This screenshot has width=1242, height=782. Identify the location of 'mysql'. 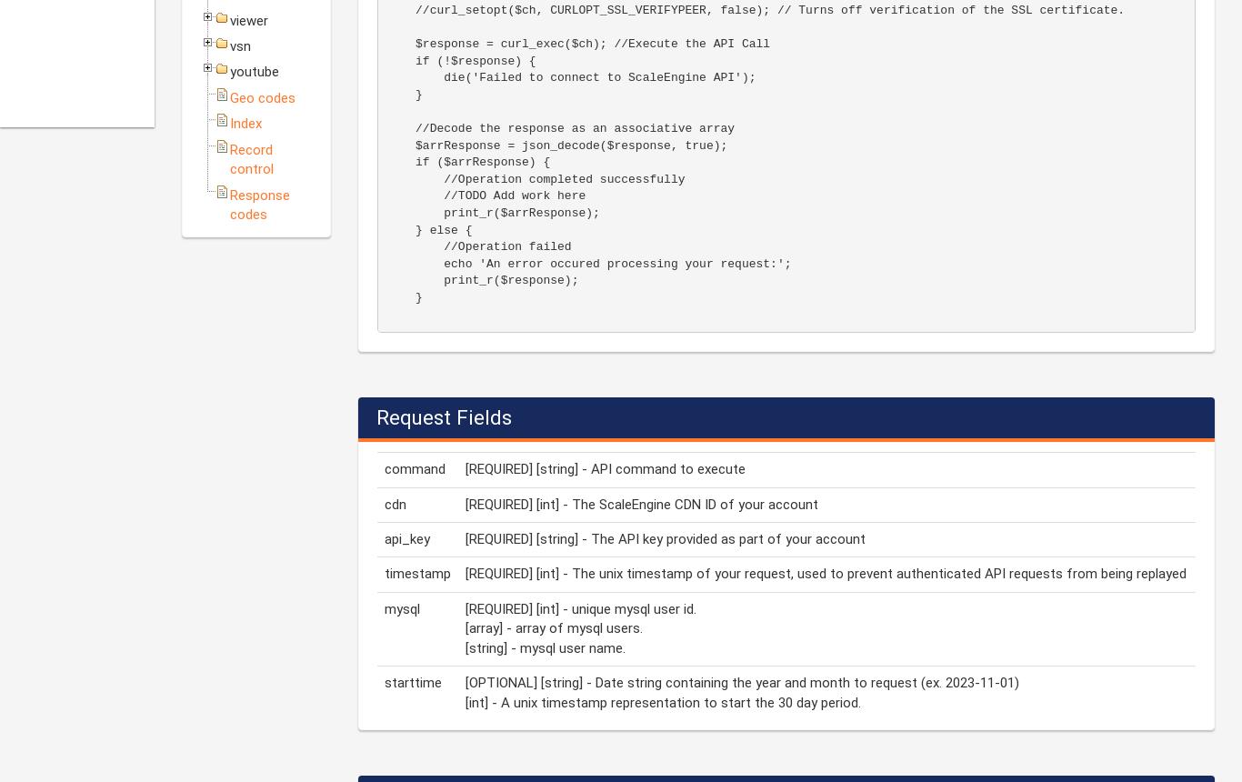
(401, 607).